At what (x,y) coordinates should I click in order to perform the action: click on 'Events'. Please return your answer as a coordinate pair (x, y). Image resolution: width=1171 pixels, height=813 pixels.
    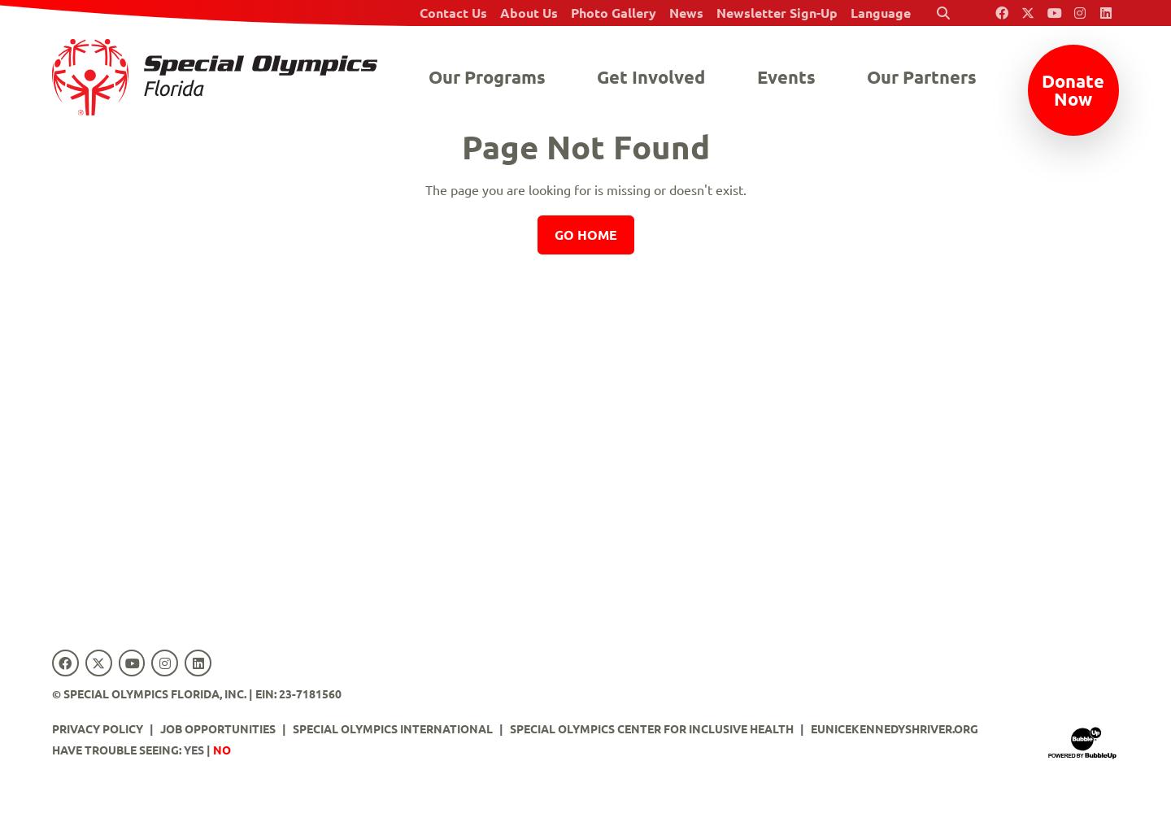
    Looking at the image, I should click on (784, 76).